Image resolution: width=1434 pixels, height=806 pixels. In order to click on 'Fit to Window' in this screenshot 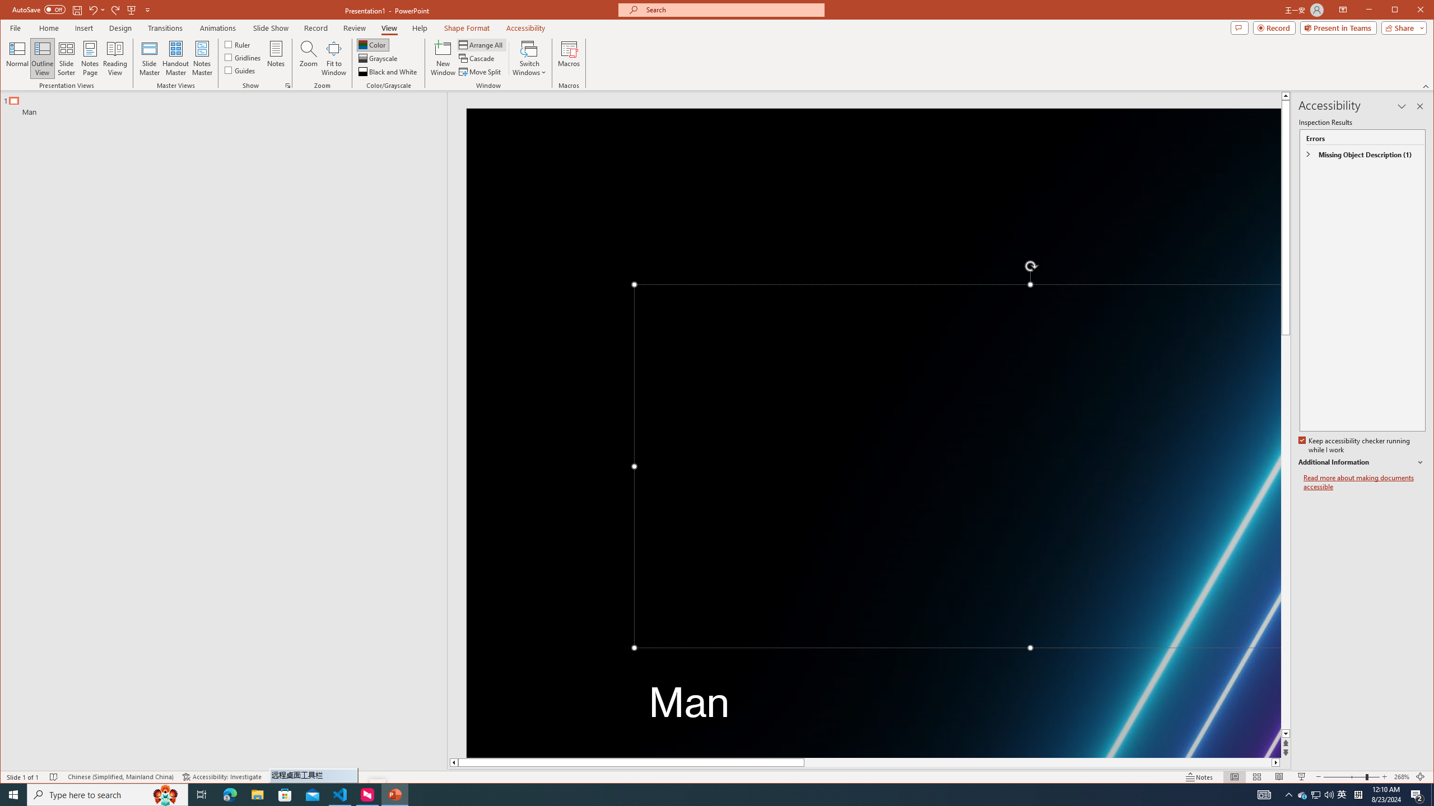, I will do `click(333, 58)`.